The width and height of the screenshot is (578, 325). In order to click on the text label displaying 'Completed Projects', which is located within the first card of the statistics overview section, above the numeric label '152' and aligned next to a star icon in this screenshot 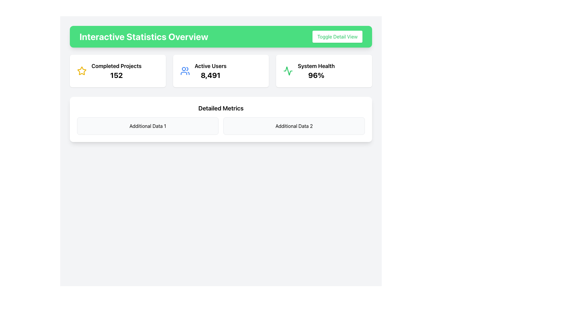, I will do `click(117, 66)`.